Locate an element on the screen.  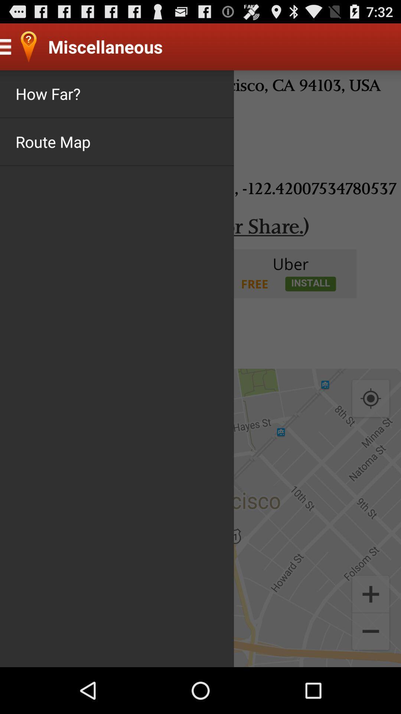
the location_crosshair icon is located at coordinates (371, 427).